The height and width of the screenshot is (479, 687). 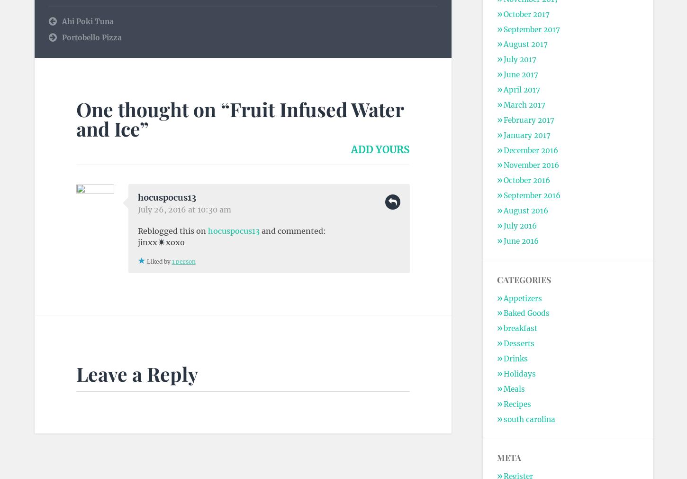 What do you see at coordinates (503, 89) in the screenshot?
I see `'April 2017'` at bounding box center [503, 89].